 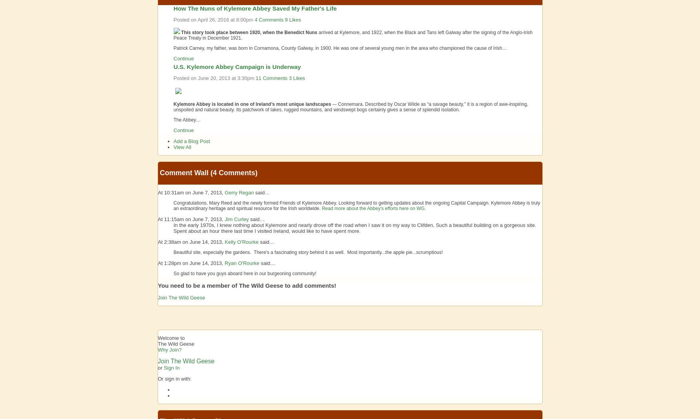 What do you see at coordinates (354, 228) in the screenshot?
I see `'In the early 1970s, I knew nothing about Kylemore and nearly drove off the road when I saw it on my way to Clifden, Such a beautiful building on a gorgeous site. Spent about an hour there last time I visited Ireland, would like to have spent more.'` at bounding box center [354, 228].